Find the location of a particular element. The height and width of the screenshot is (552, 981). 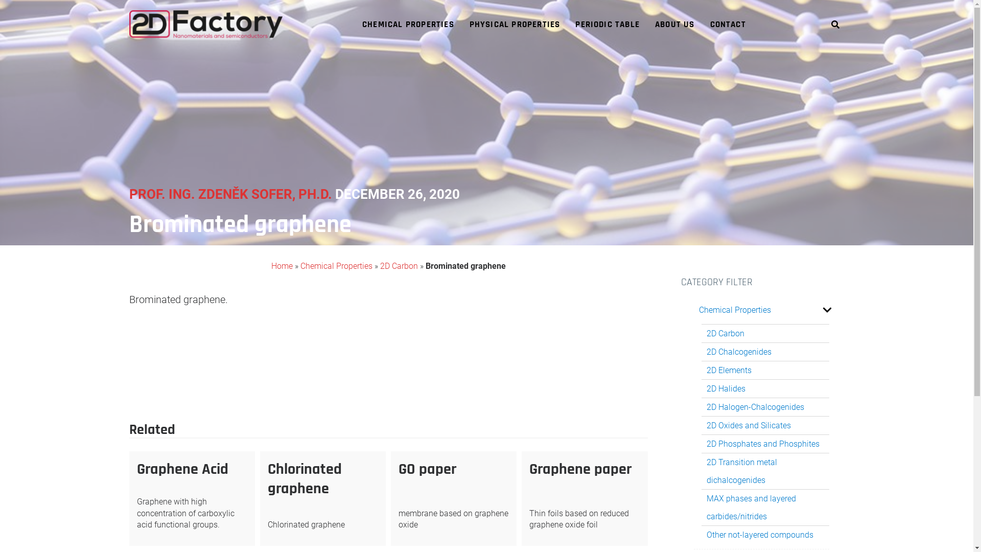

'Home' is located at coordinates (270, 265).